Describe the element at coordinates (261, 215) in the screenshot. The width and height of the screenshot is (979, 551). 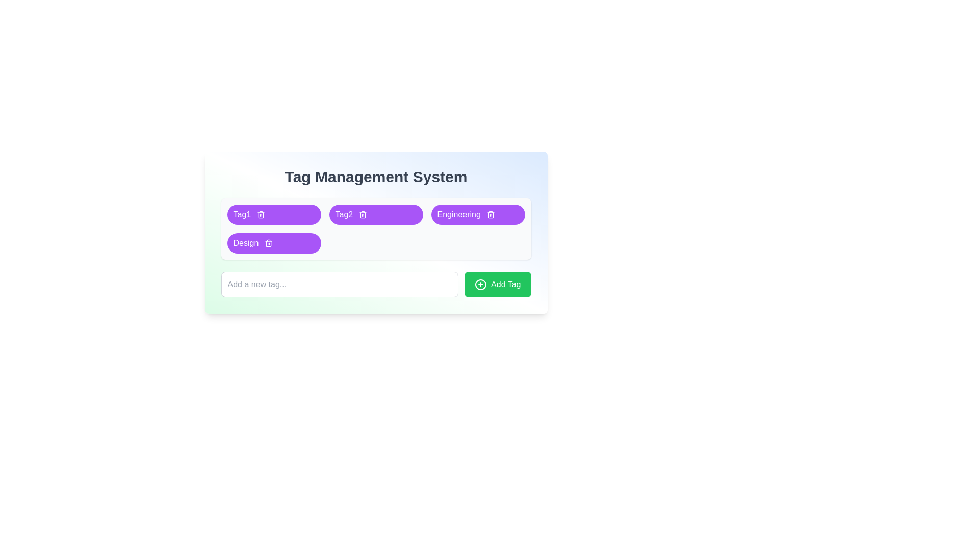
I see `the trash can icon's main body, which is a rectangle with curved edges, located to the right of 'Tag1' in a purple tag` at that location.